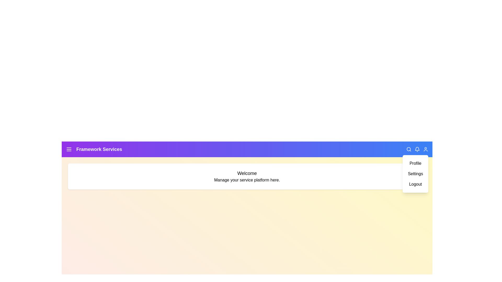 The height and width of the screenshot is (282, 502). I want to click on the notification icon to view notifications, so click(417, 149).